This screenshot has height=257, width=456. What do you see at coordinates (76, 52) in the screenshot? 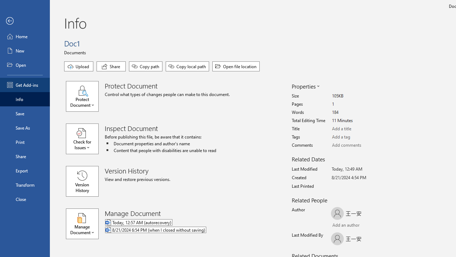
I see `'Documents'` at bounding box center [76, 52].